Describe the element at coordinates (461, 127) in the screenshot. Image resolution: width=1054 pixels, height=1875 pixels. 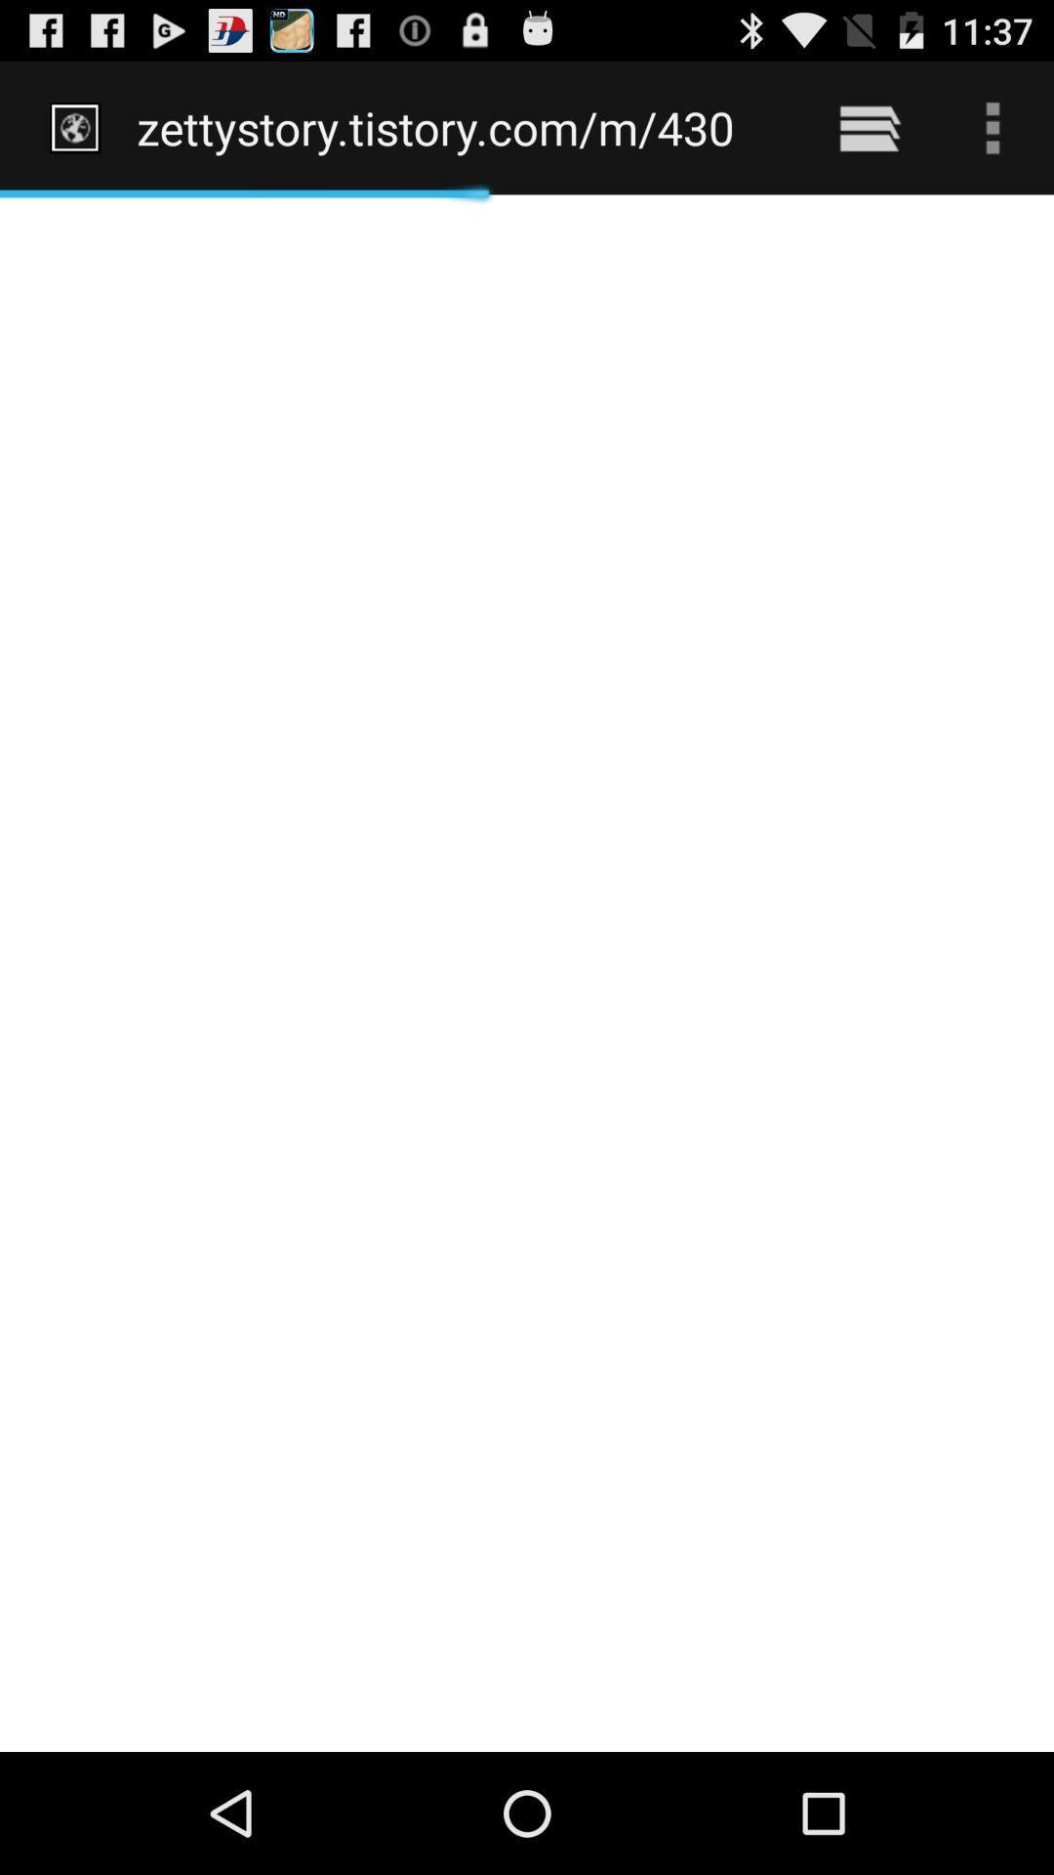
I see `the zettystory tistory com` at that location.